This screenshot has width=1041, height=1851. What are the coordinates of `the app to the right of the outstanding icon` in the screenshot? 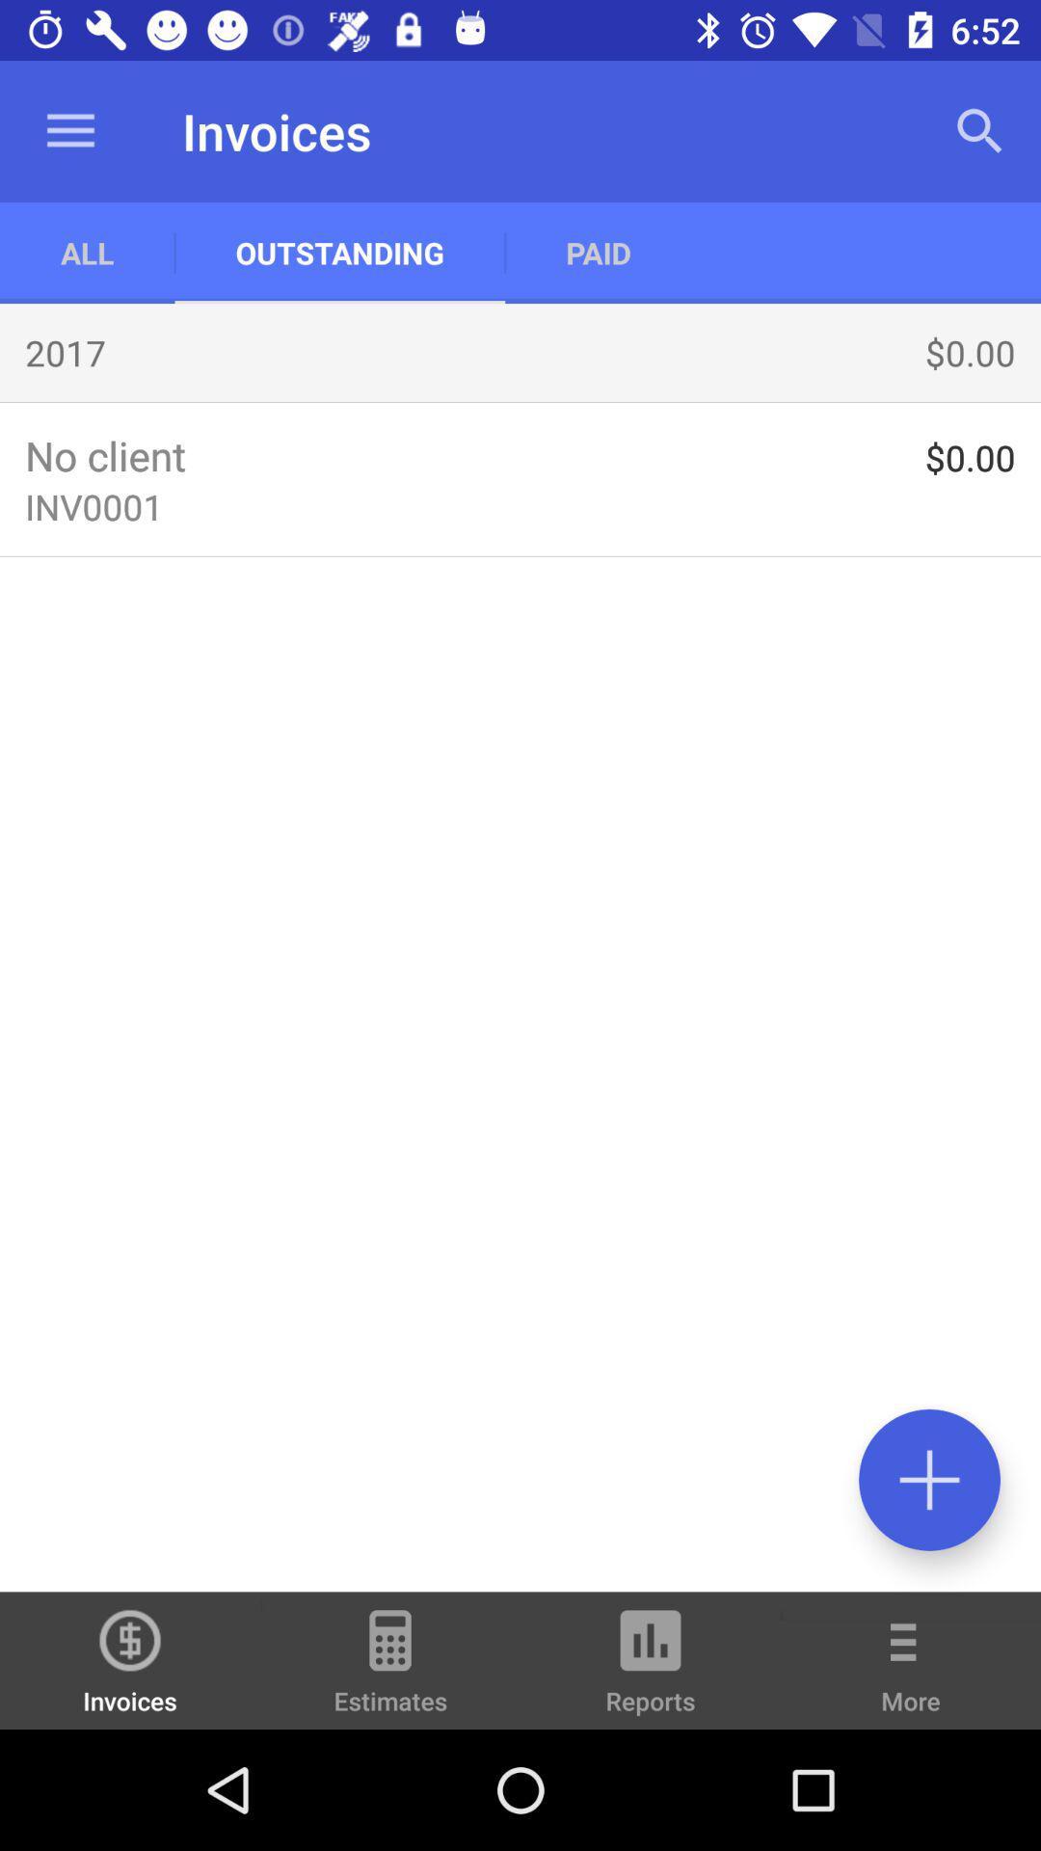 It's located at (598, 252).